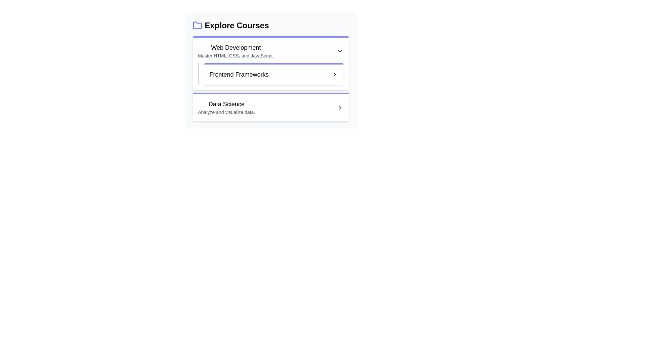 The image size is (646, 363). I want to click on the 'Data Science' course module option in the list under the 'Explore Courses' section, so click(226, 107).